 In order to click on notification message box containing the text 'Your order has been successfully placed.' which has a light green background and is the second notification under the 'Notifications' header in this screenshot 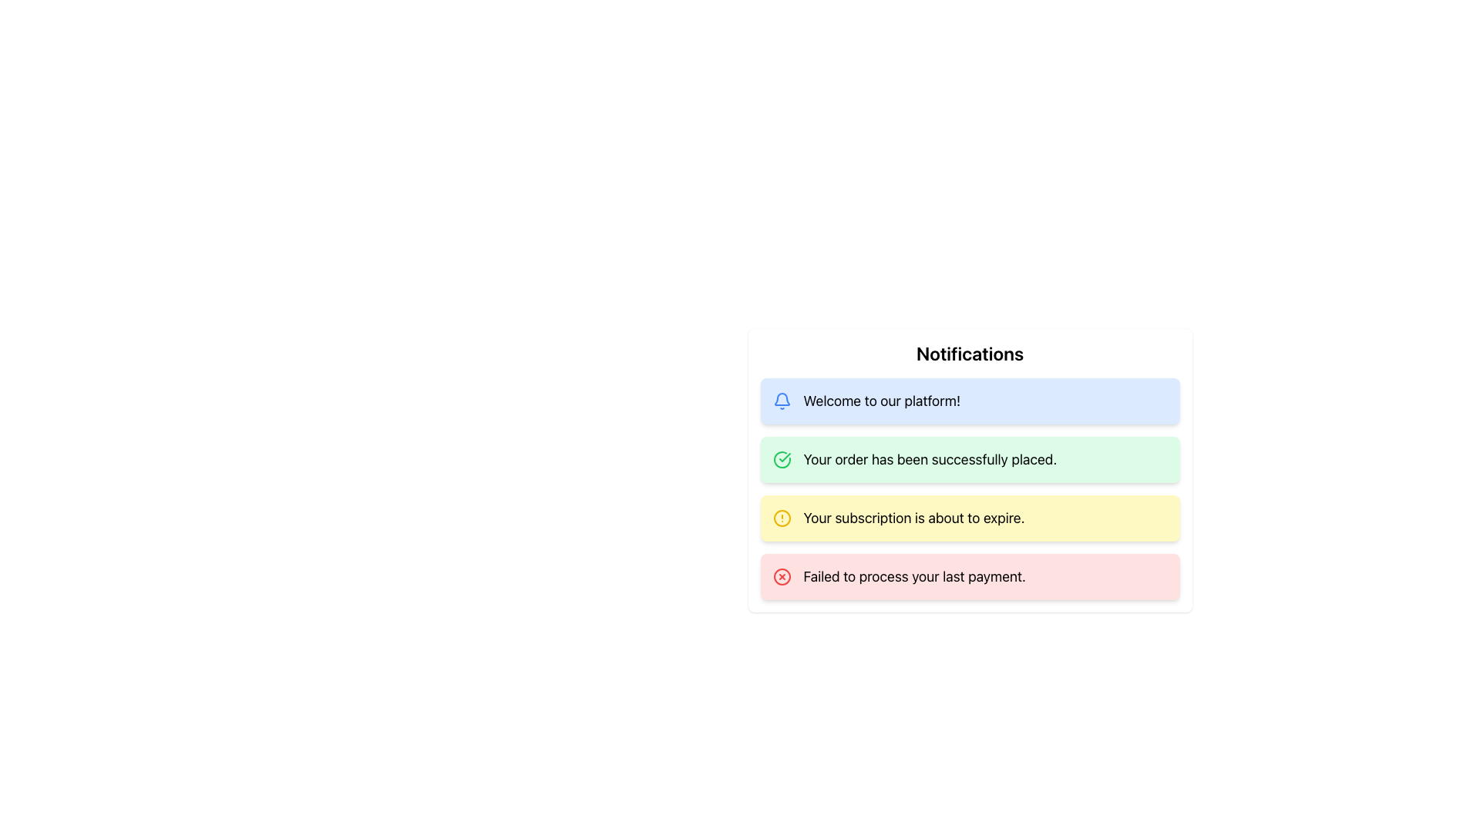, I will do `click(969, 469)`.